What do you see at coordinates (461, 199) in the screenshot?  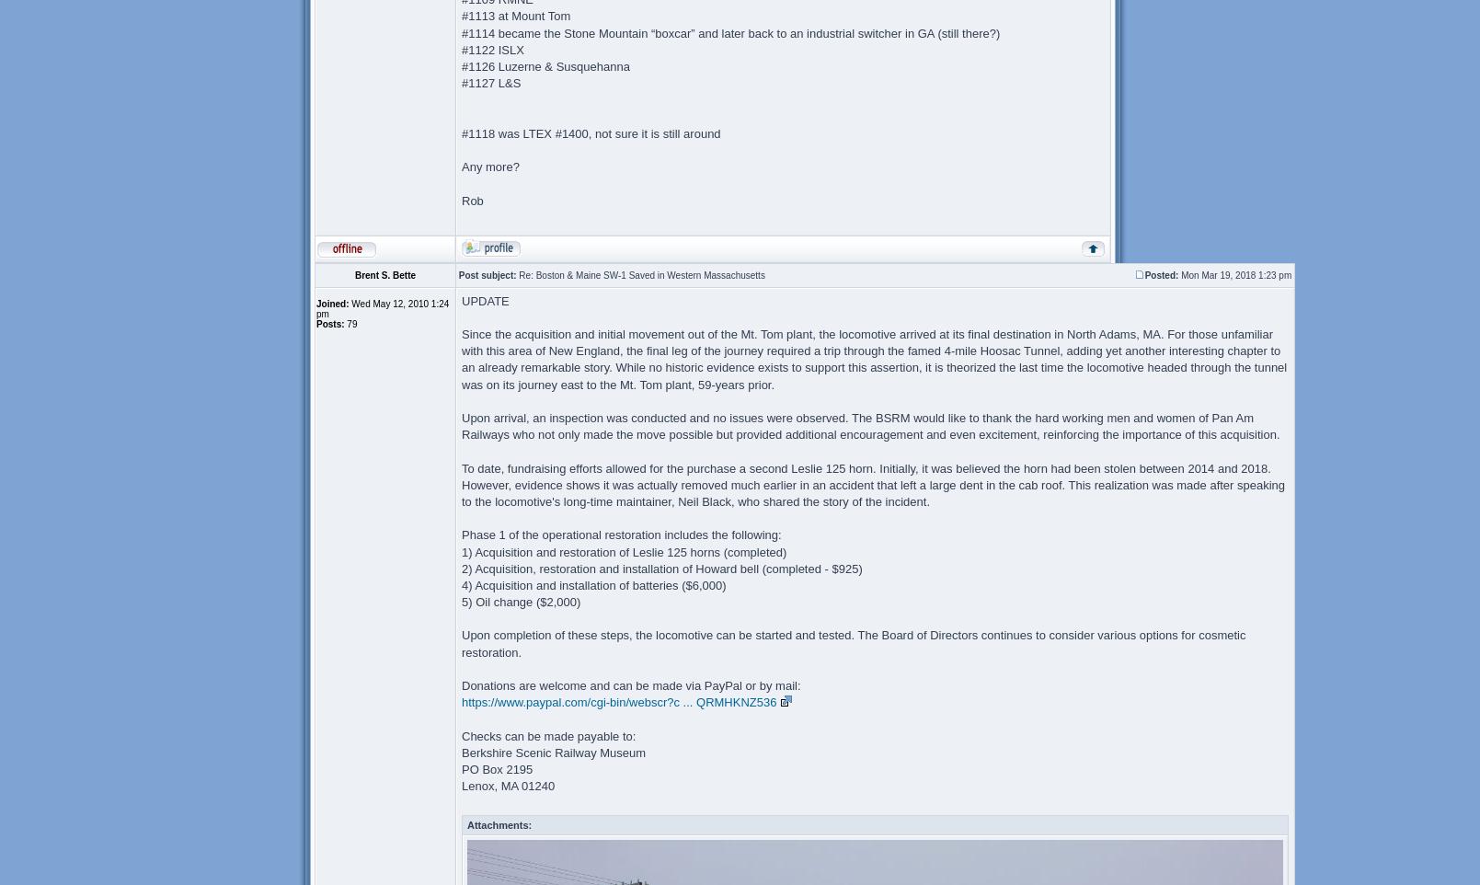 I see `'Rob'` at bounding box center [461, 199].